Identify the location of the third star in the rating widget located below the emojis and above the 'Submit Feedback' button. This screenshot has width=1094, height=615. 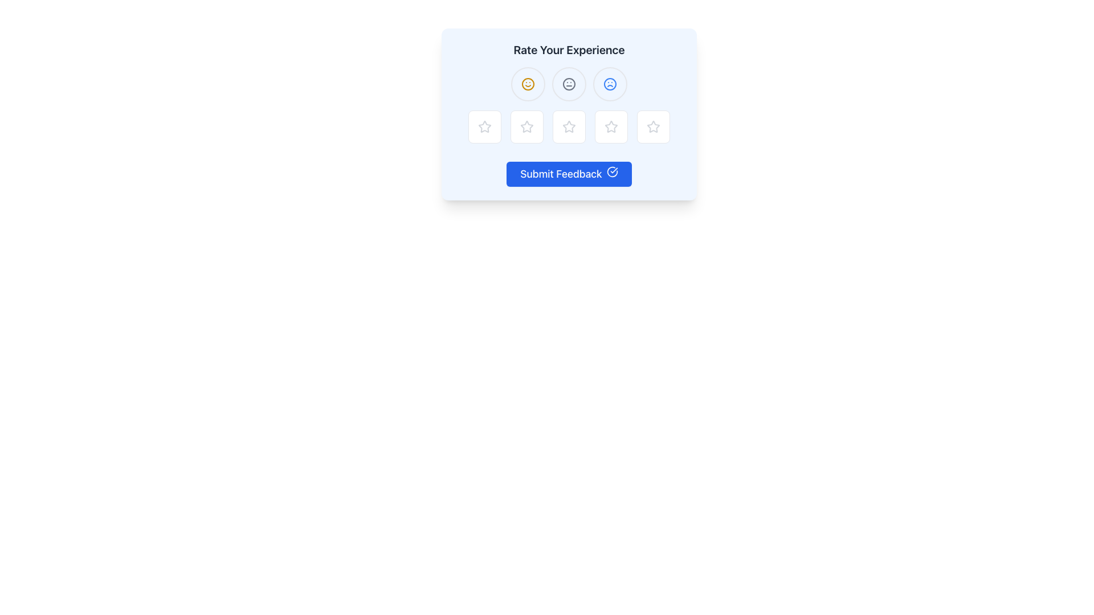
(569, 127).